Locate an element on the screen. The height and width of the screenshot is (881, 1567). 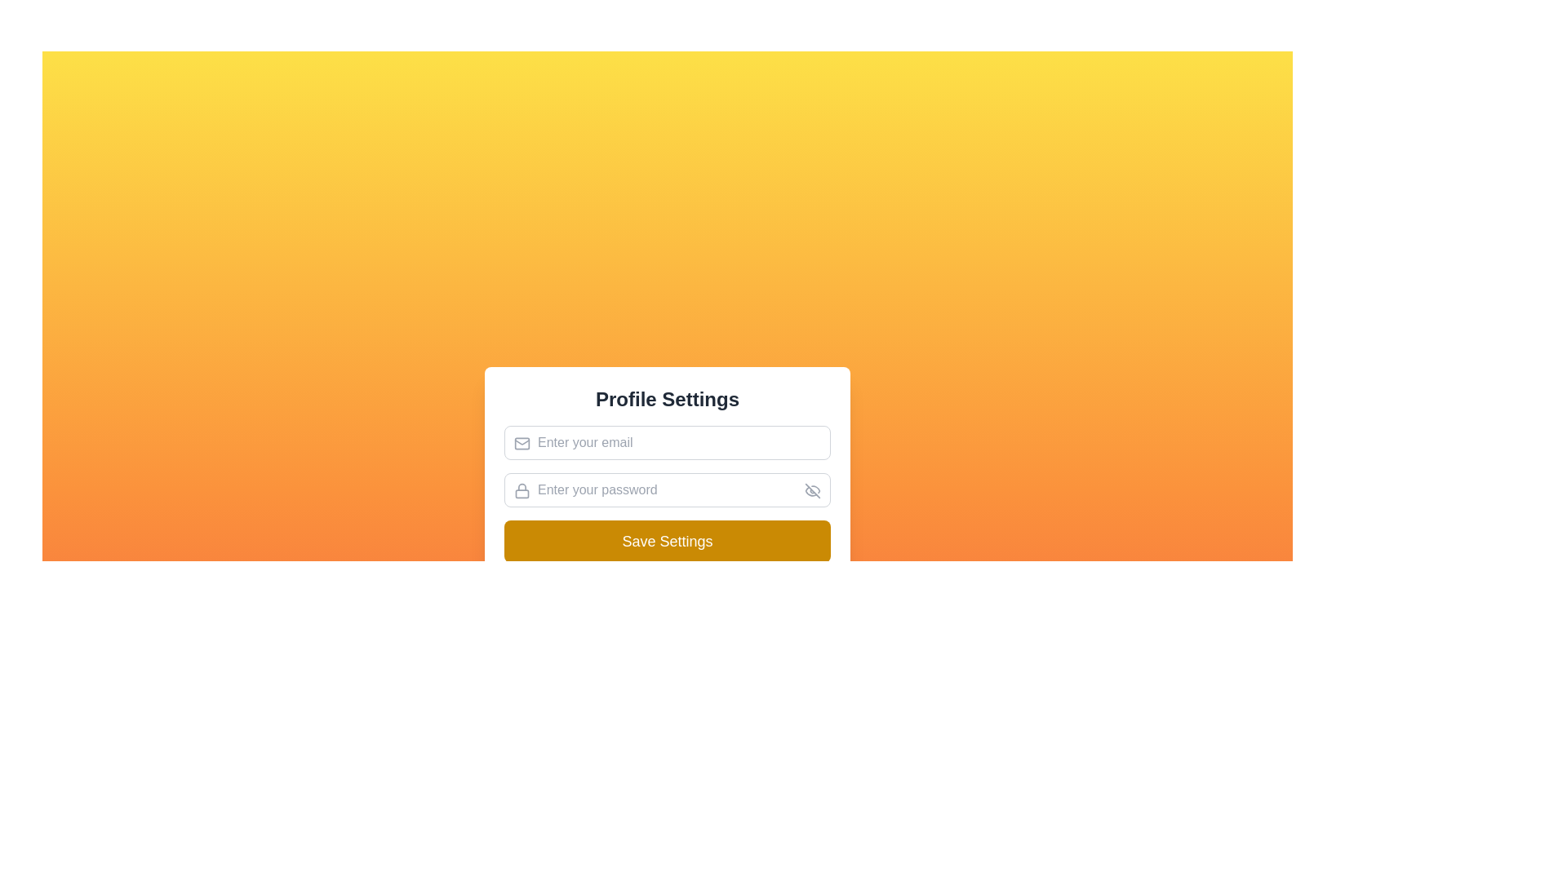
the decorative rectangular part of the email icon, which is located at the far left inside the email input field in the Profile Settings section is located at coordinates (521, 443).